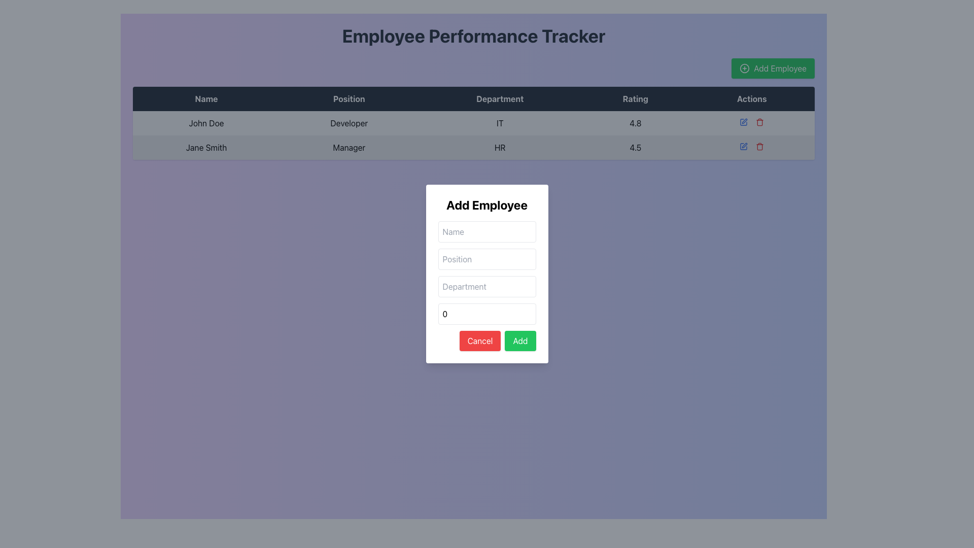 This screenshot has height=548, width=974. I want to click on the table cell in the 'Actions' column for 'Jane Smith', which contains interactive icons for edit and delete actions, so click(752, 147).